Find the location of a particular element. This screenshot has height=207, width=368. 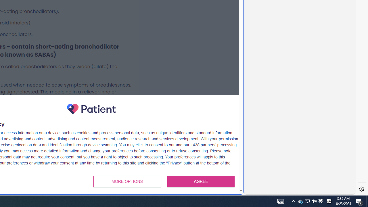

'Publisher Logo' is located at coordinates (91, 109).